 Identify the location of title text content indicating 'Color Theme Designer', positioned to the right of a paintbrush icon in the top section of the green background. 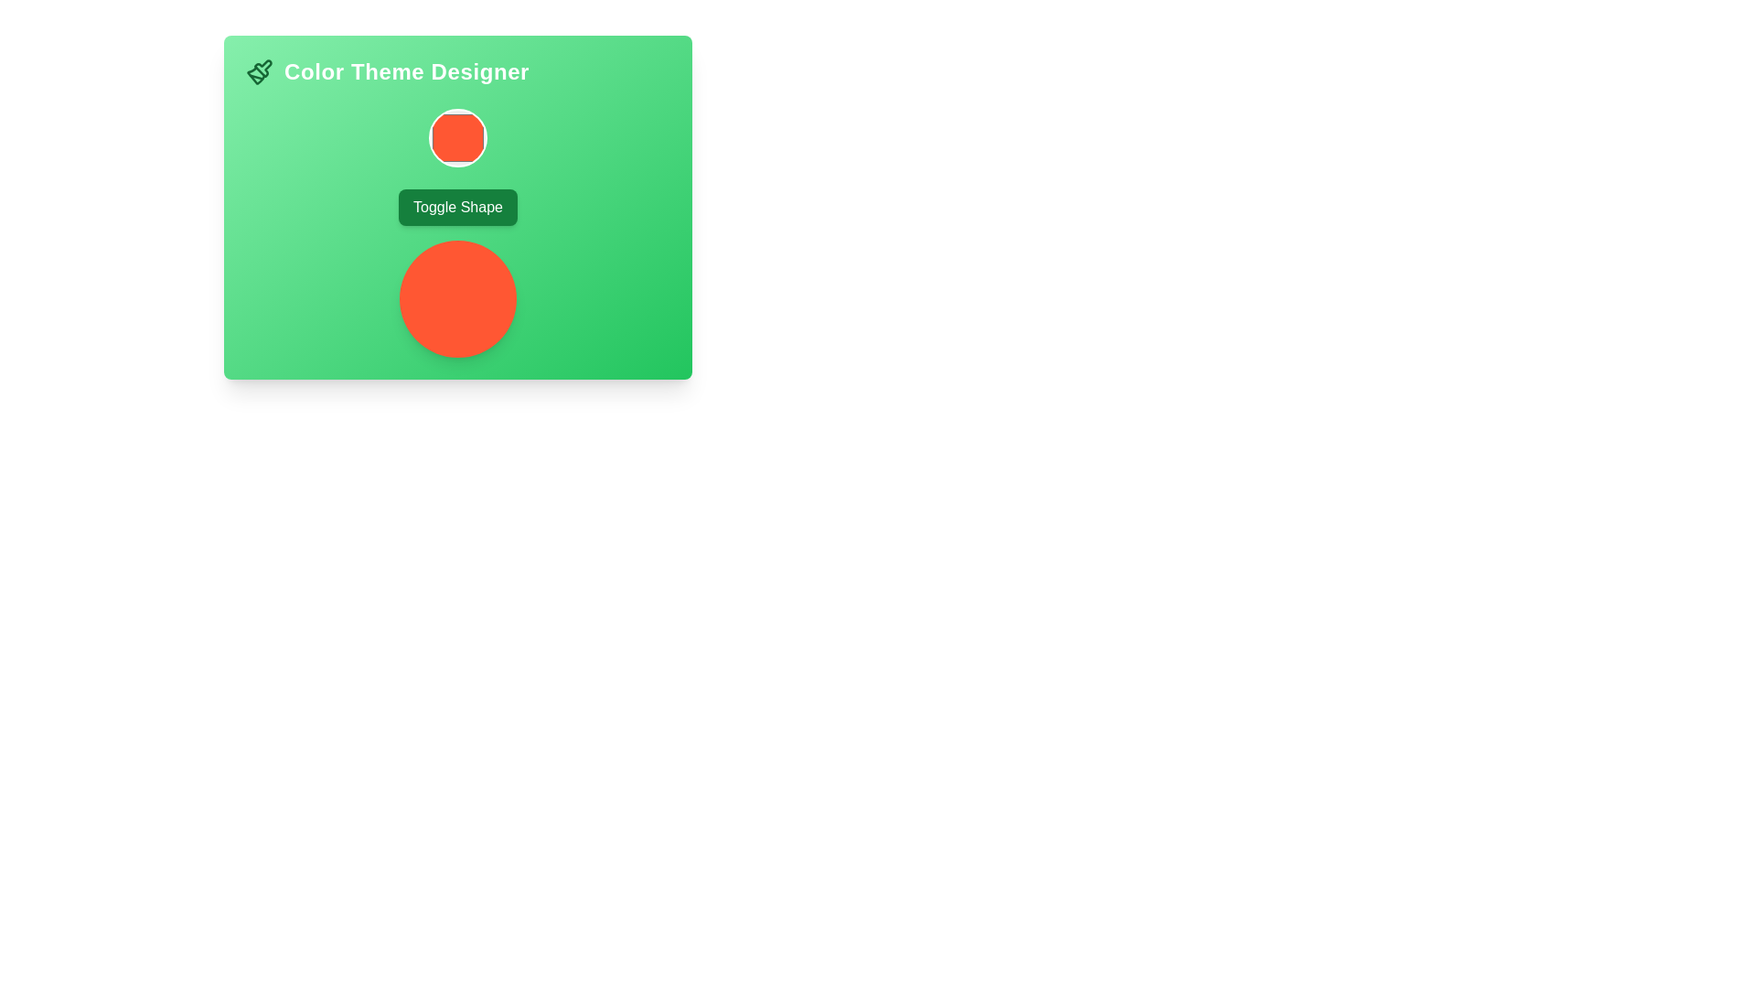
(406, 70).